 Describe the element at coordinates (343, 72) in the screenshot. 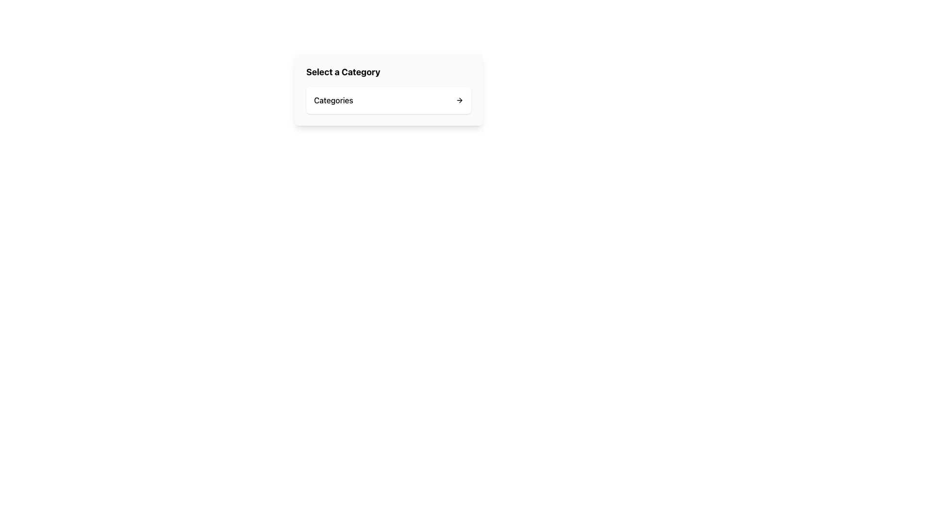

I see `the 'Select a Category' text label, which is styled with a bold and large font and positioned prominently above other elements in the interface` at that location.